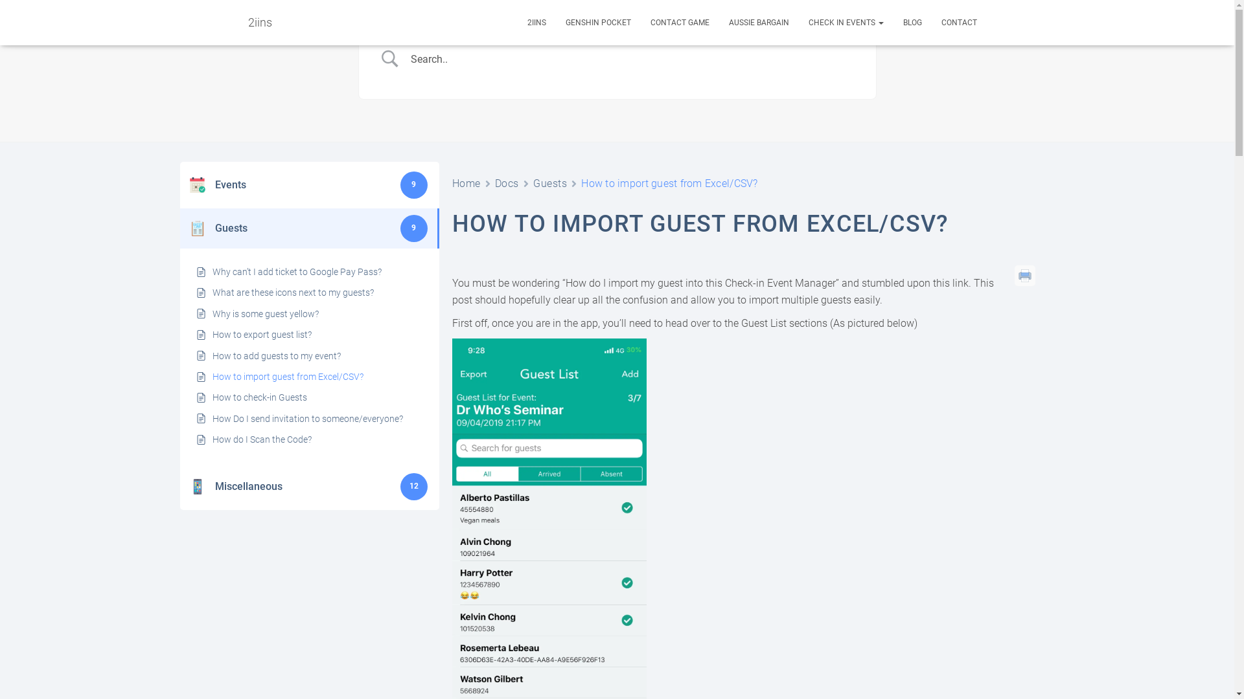 This screenshot has width=1244, height=699. What do you see at coordinates (597, 22) in the screenshot?
I see `'GENSHIN POCKET'` at bounding box center [597, 22].